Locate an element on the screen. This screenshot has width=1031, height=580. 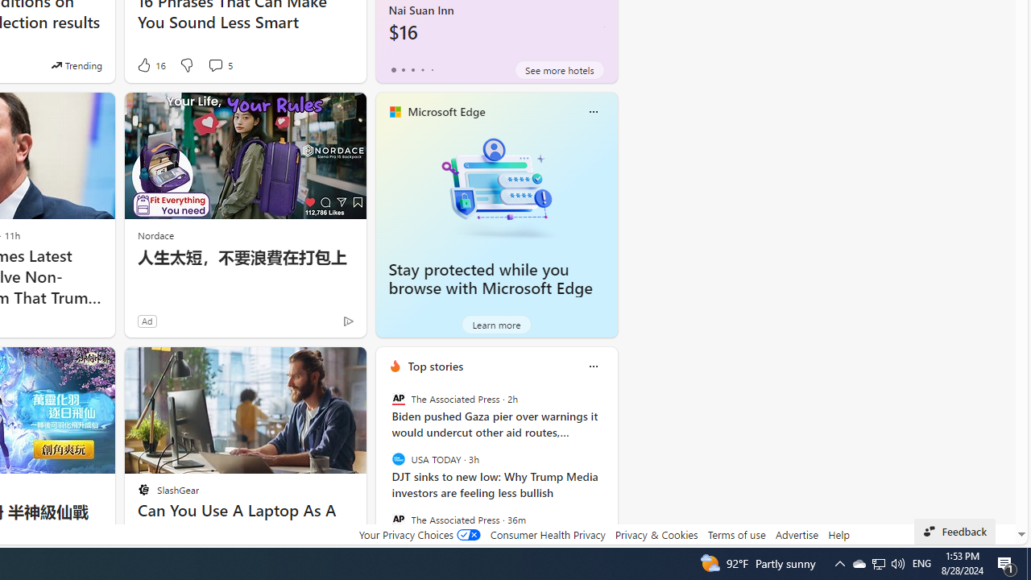
'USA TODAY' is located at coordinates (398, 459).